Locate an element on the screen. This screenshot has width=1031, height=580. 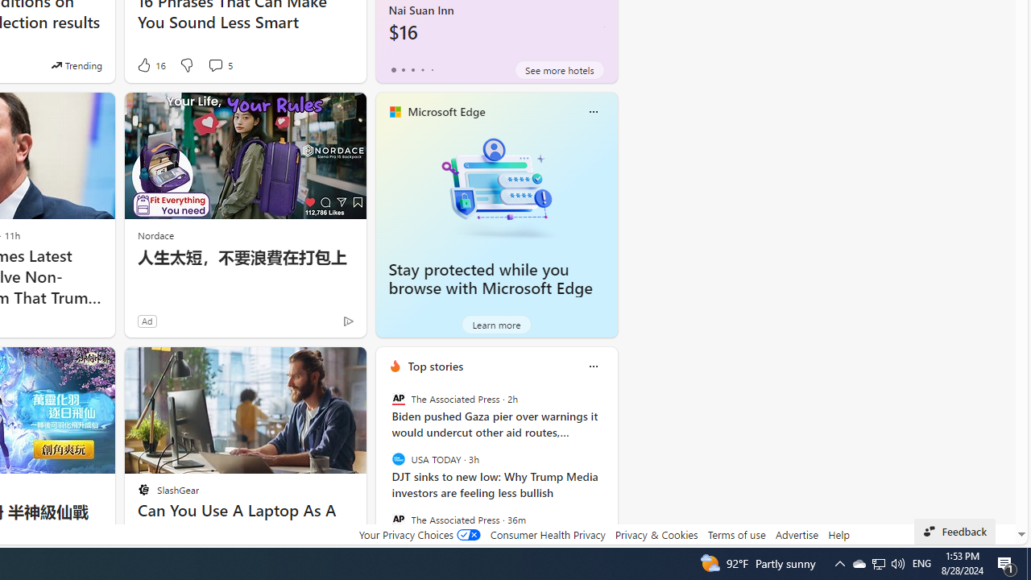
'USA TODAY' is located at coordinates (398, 459).